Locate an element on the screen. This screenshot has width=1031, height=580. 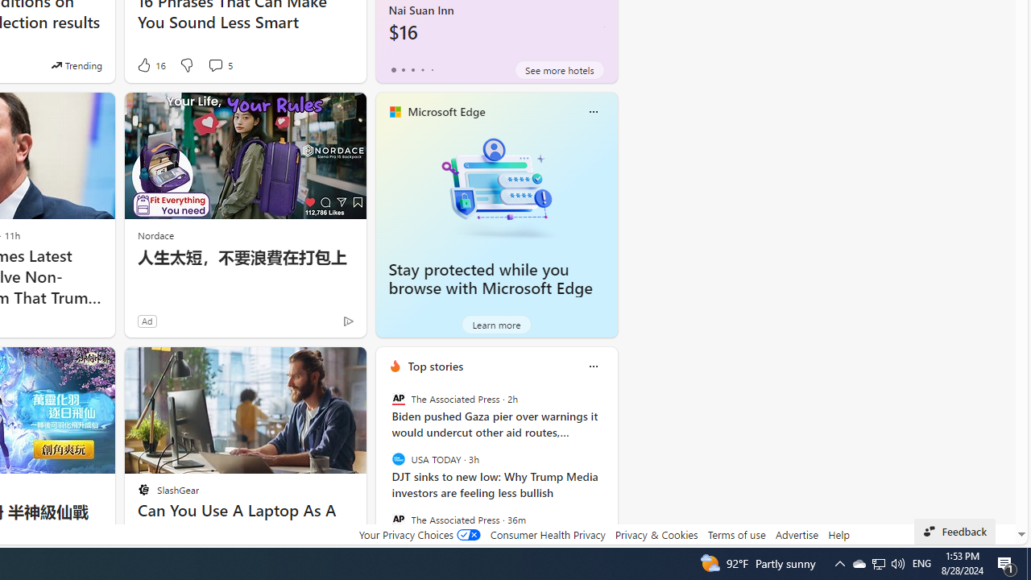
'USA TODAY' is located at coordinates (398, 459).